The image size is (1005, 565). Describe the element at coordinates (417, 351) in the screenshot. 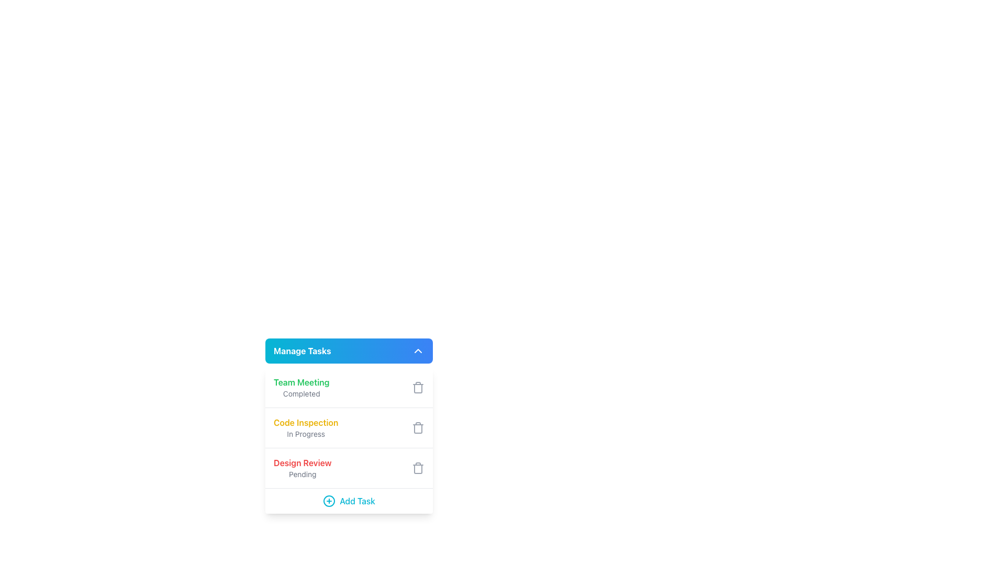

I see `the toggle icon located on the far right side of the 'Manage Tasks' button with a gradient blue background` at that location.